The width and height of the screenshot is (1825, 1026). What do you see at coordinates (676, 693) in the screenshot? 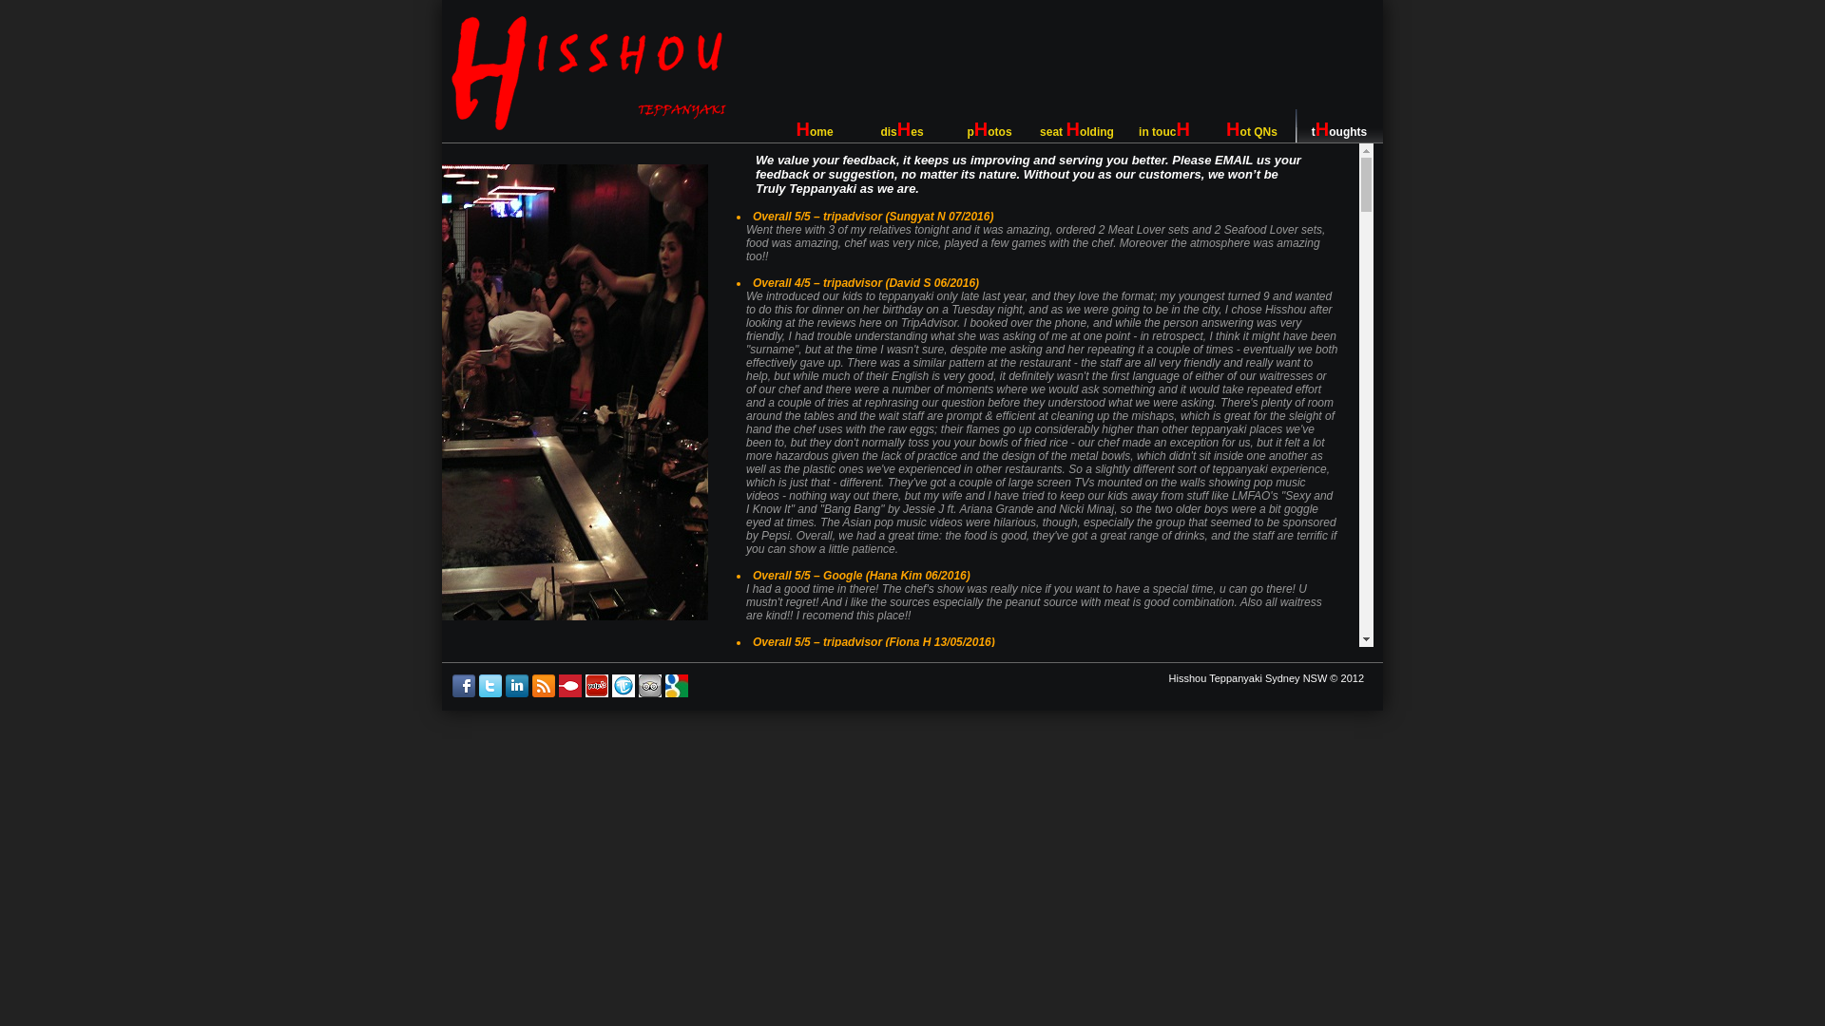
I see `'google'` at bounding box center [676, 693].